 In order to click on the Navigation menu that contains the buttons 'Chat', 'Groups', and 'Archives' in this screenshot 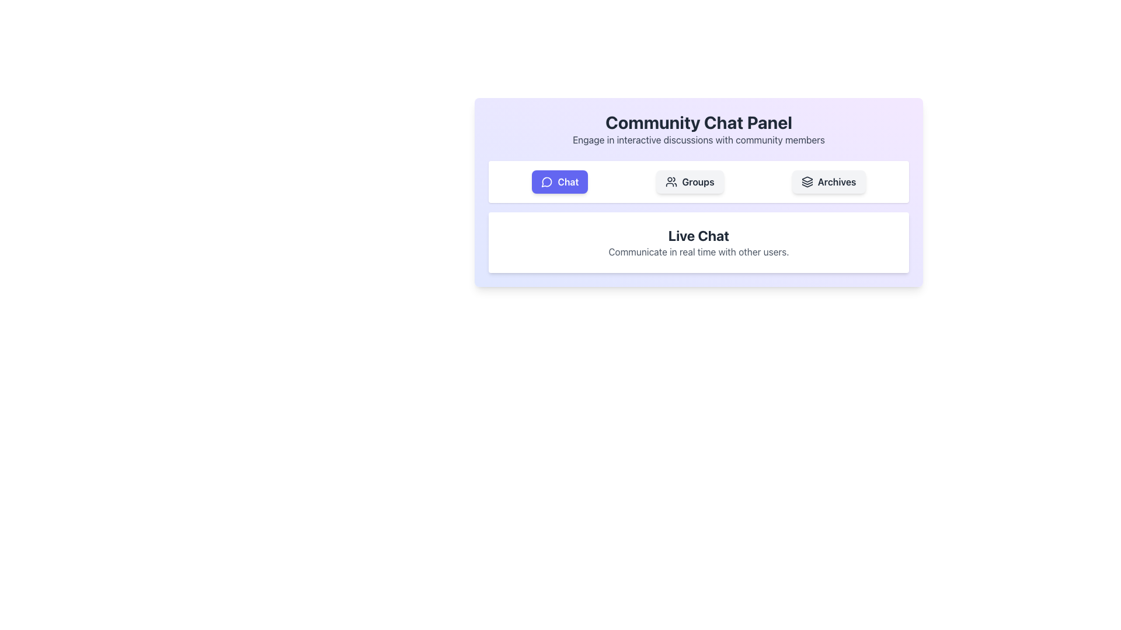, I will do `click(698, 182)`.